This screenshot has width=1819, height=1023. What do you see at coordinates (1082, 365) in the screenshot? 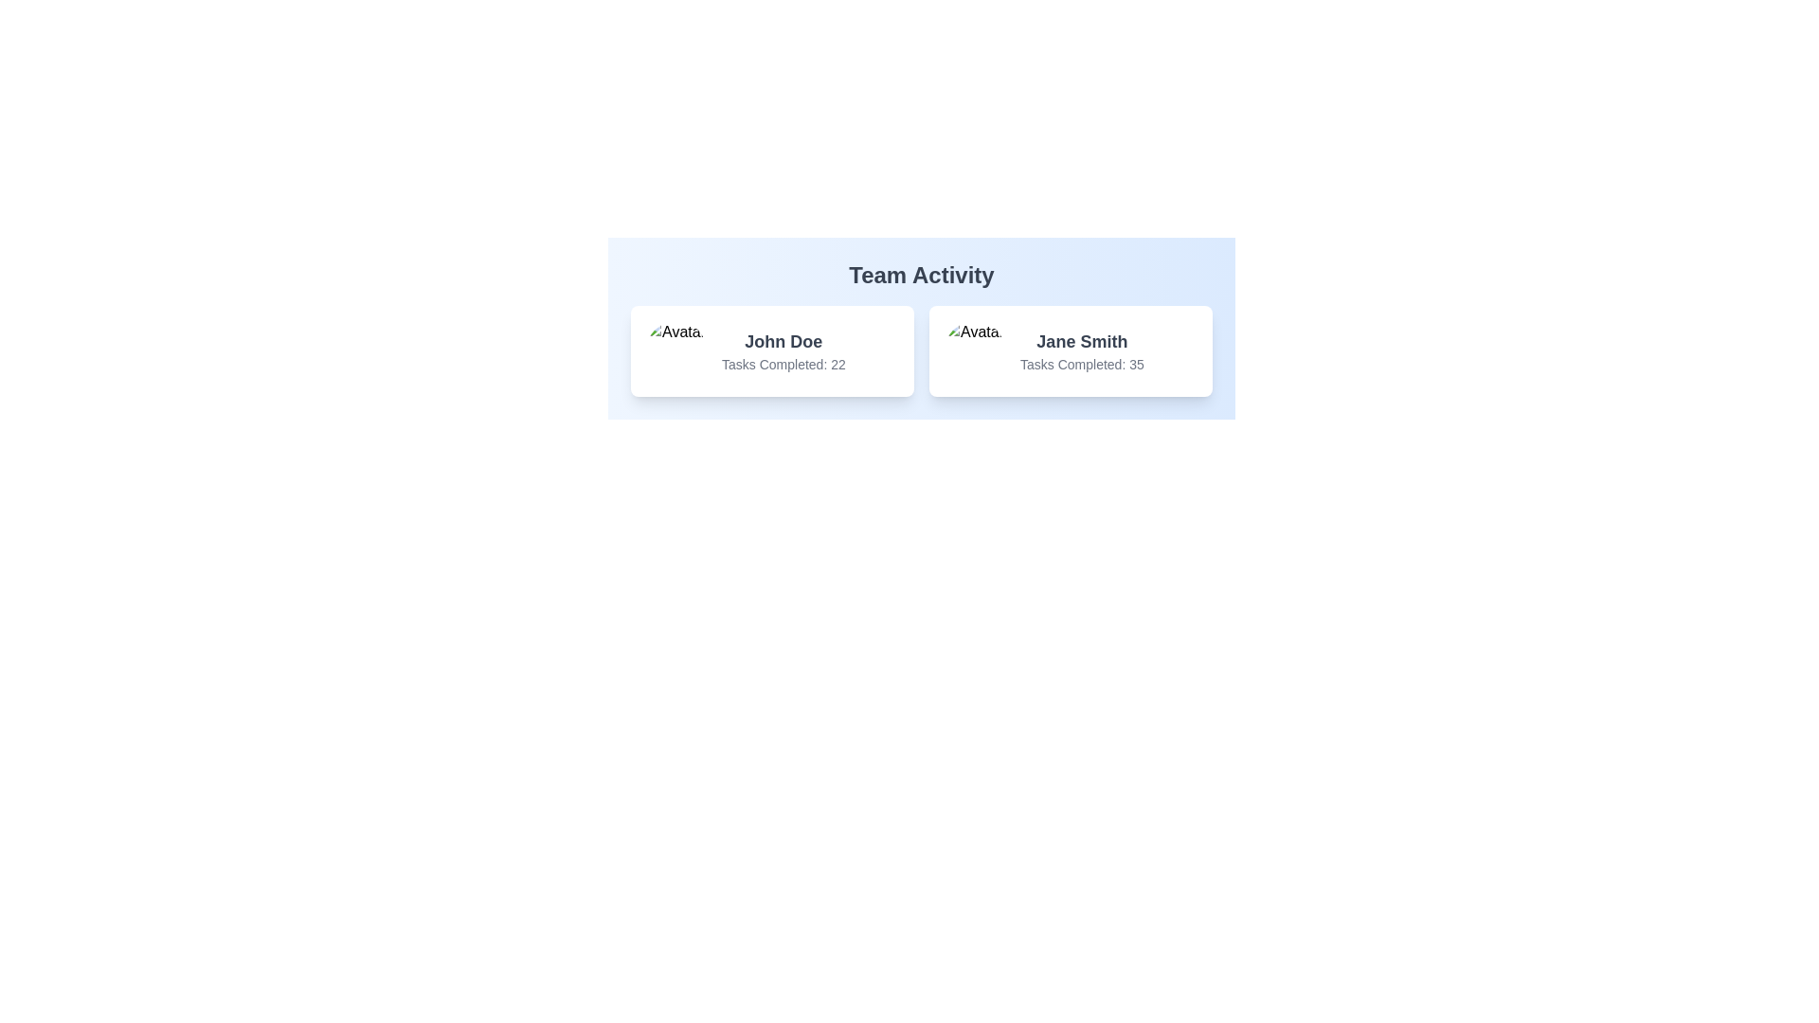
I see `text label displaying the number of tasks completed by 'Jane Smith', located in the right card of the 'Team Activity' section, below the sibling text 'Jane Smith'` at bounding box center [1082, 365].